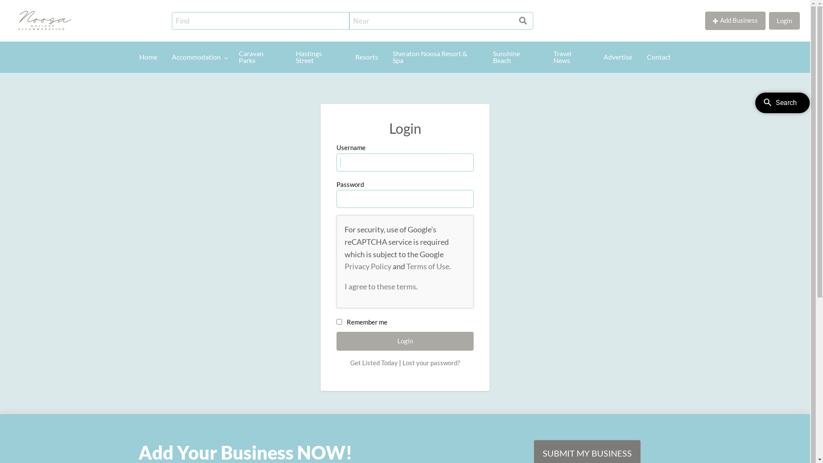  I want to click on 'Login', so click(769, 20).